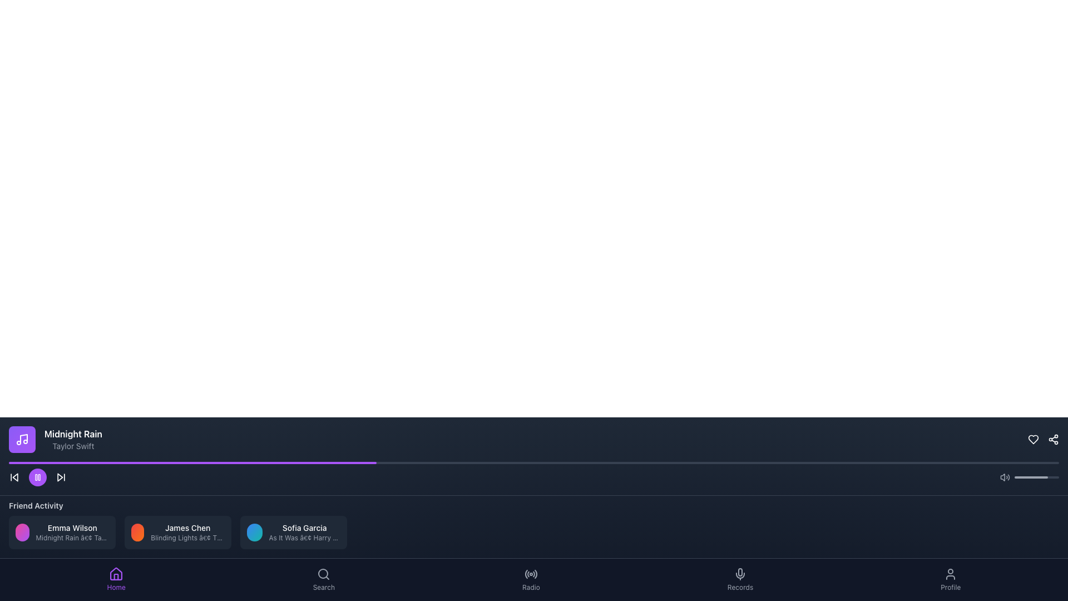 The image size is (1068, 601). Describe the element at coordinates (950, 587) in the screenshot. I see `the 'Profile' label, which identifies the corresponding section of the application, located at the bottom-right corner below the user icon` at that location.